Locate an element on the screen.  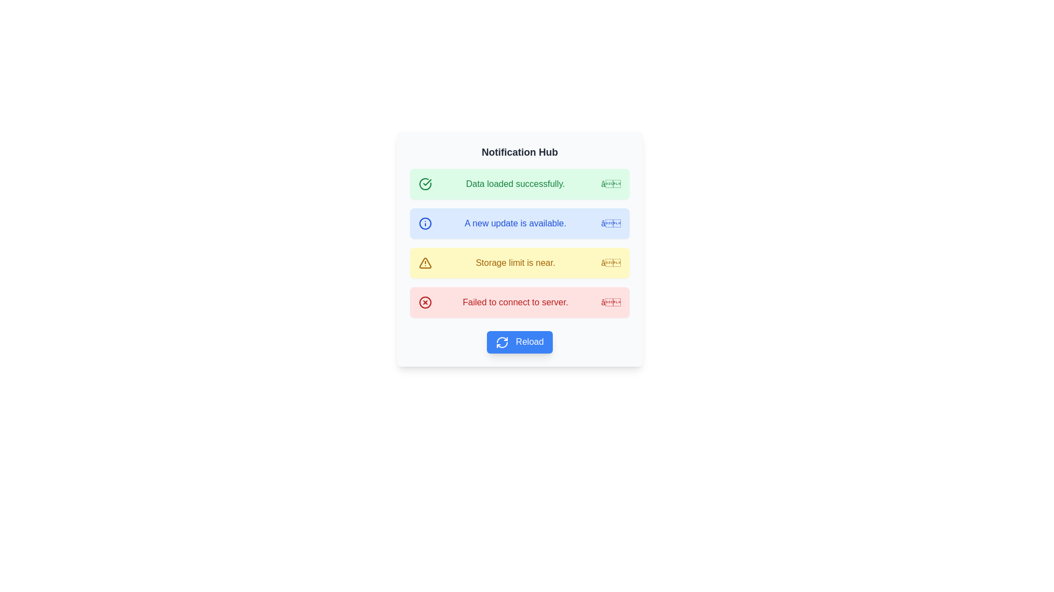
the notification text label warning users about nearing storage limits, located between a blue notification above and a red notification below in the vertical list of notifications is located at coordinates (515, 263).